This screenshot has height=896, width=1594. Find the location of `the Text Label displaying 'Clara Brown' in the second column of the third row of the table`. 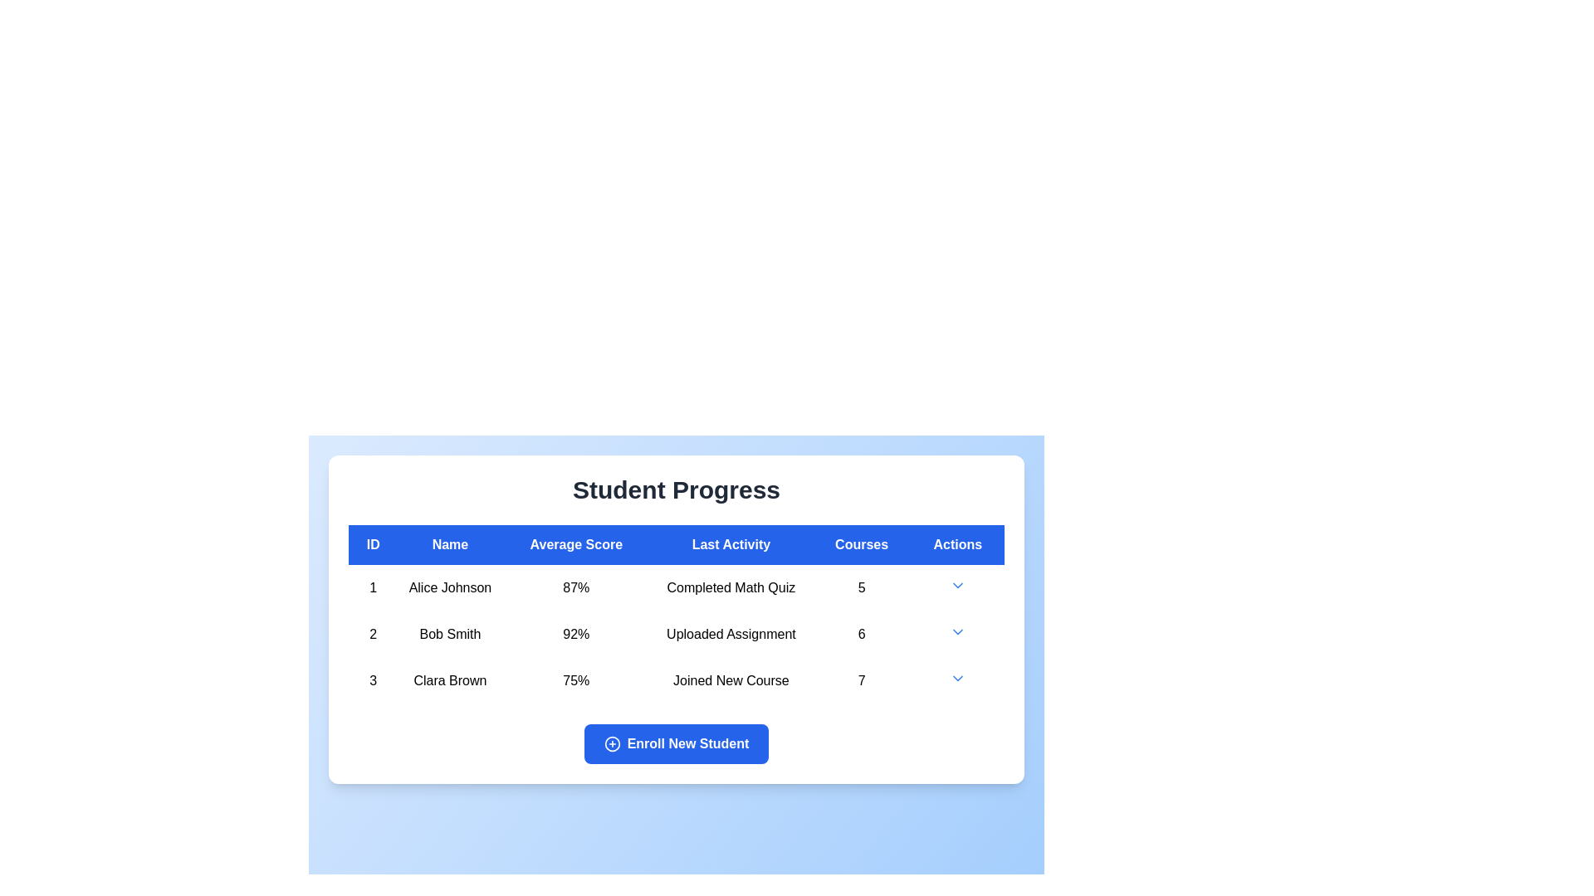

the Text Label displaying 'Clara Brown' in the second column of the third row of the table is located at coordinates (450, 681).